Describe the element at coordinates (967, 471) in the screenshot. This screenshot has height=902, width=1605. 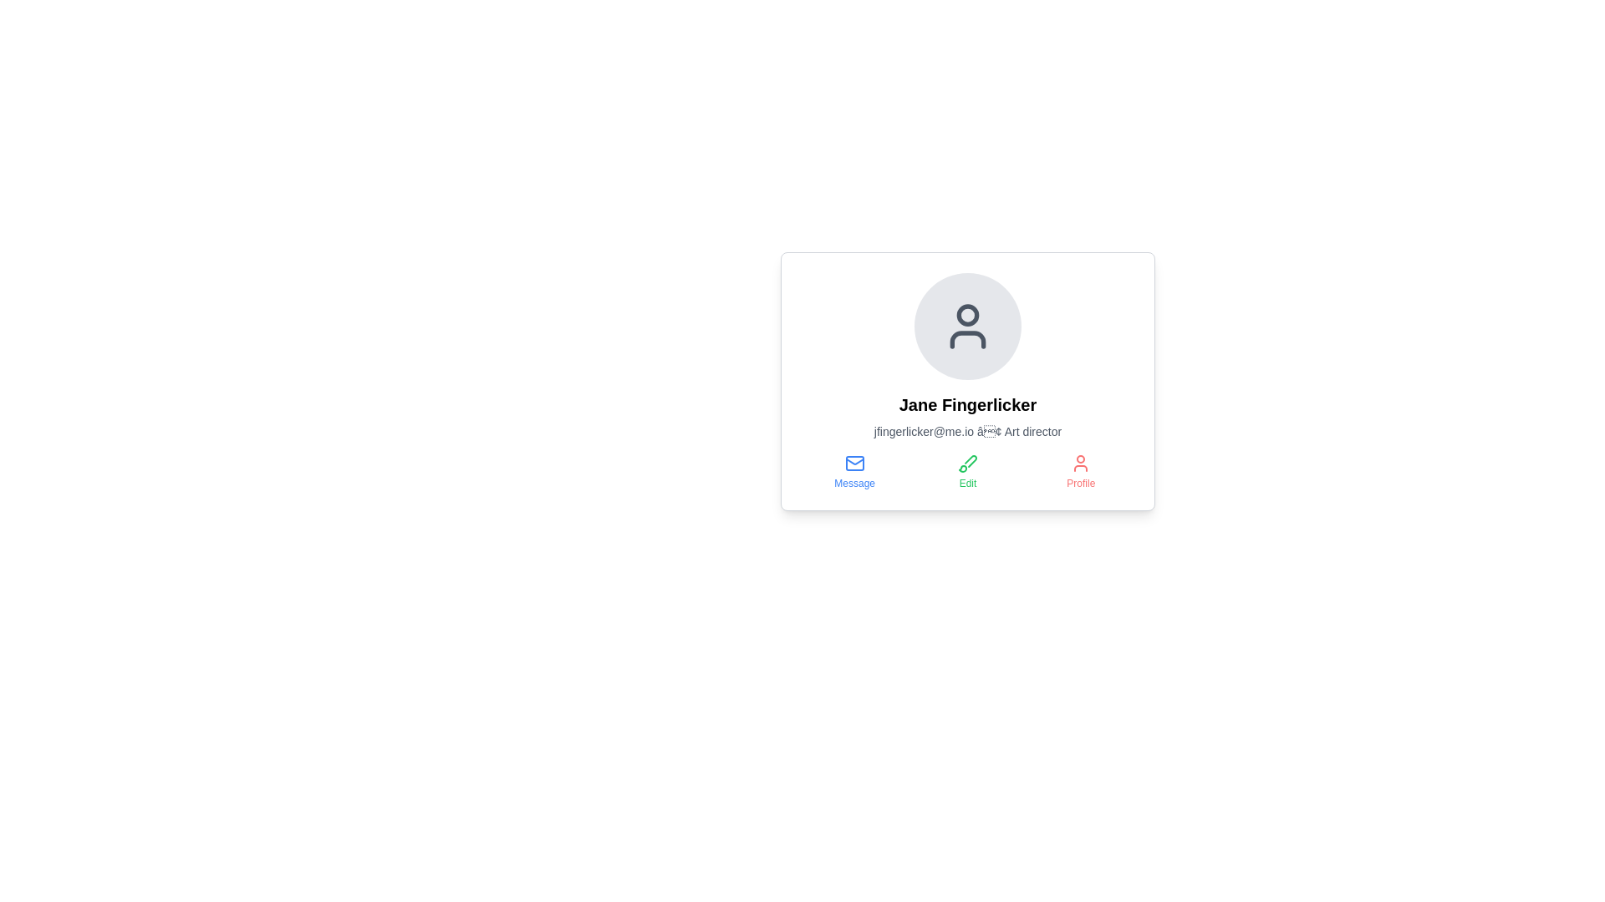
I see `the green 'Edit' button with a brush icon located at the center of a three-button group at the bottom of a card layout` at that location.